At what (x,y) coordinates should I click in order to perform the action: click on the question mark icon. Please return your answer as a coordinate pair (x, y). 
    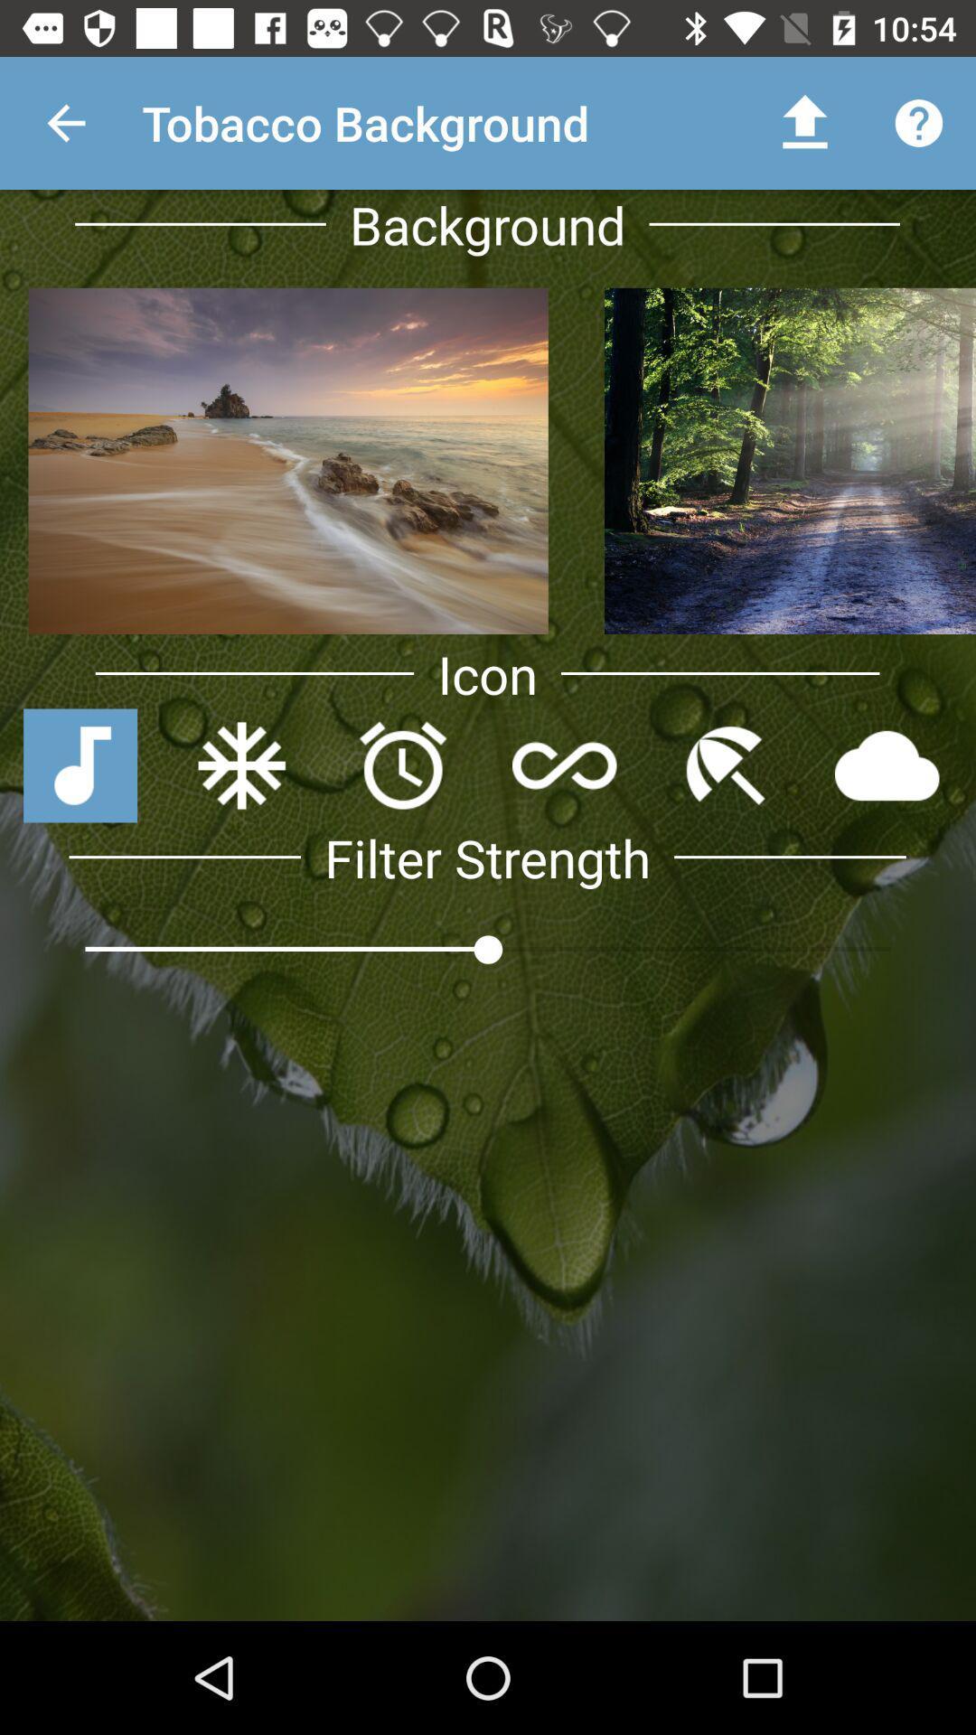
    Looking at the image, I should click on (919, 123).